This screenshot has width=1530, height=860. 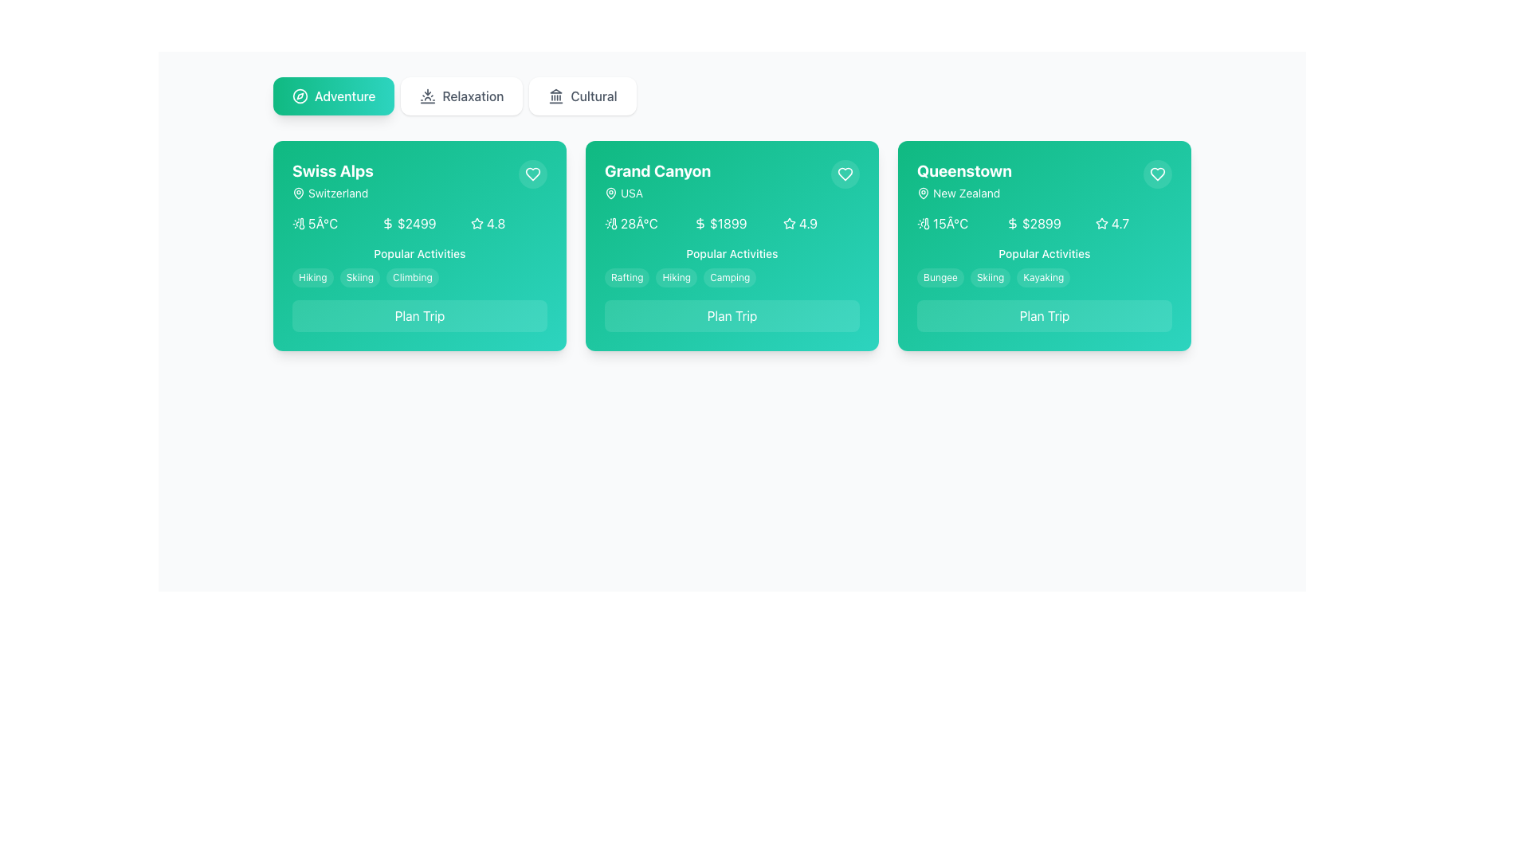 What do you see at coordinates (1100, 224) in the screenshot?
I see `the star icon located next to the text '4.7' in the third green card about 'Queenstown' to interact with the rating UI` at bounding box center [1100, 224].